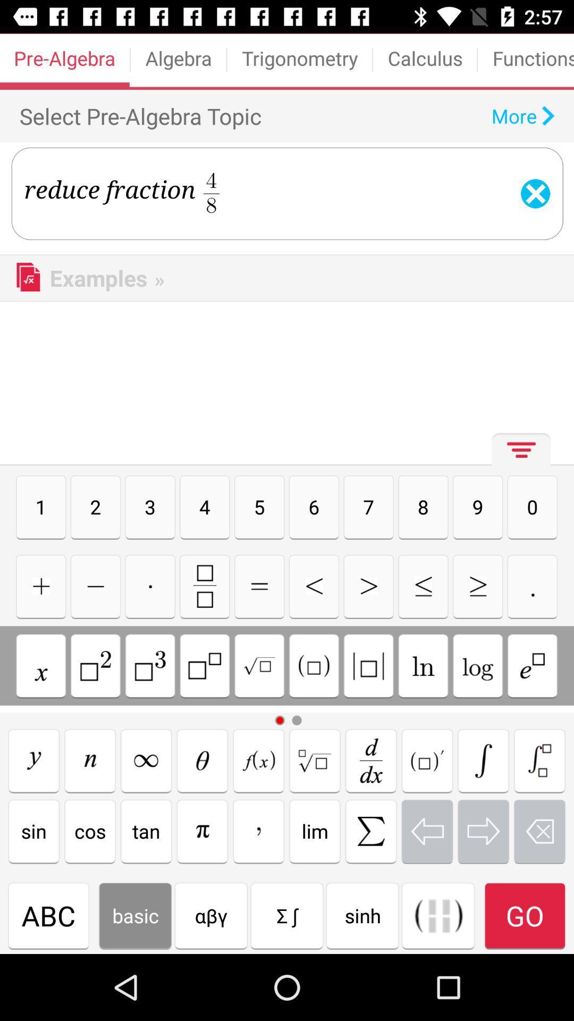 The image size is (574, 1021). What do you see at coordinates (438, 915) in the screenshot?
I see `use mathematical function` at bounding box center [438, 915].